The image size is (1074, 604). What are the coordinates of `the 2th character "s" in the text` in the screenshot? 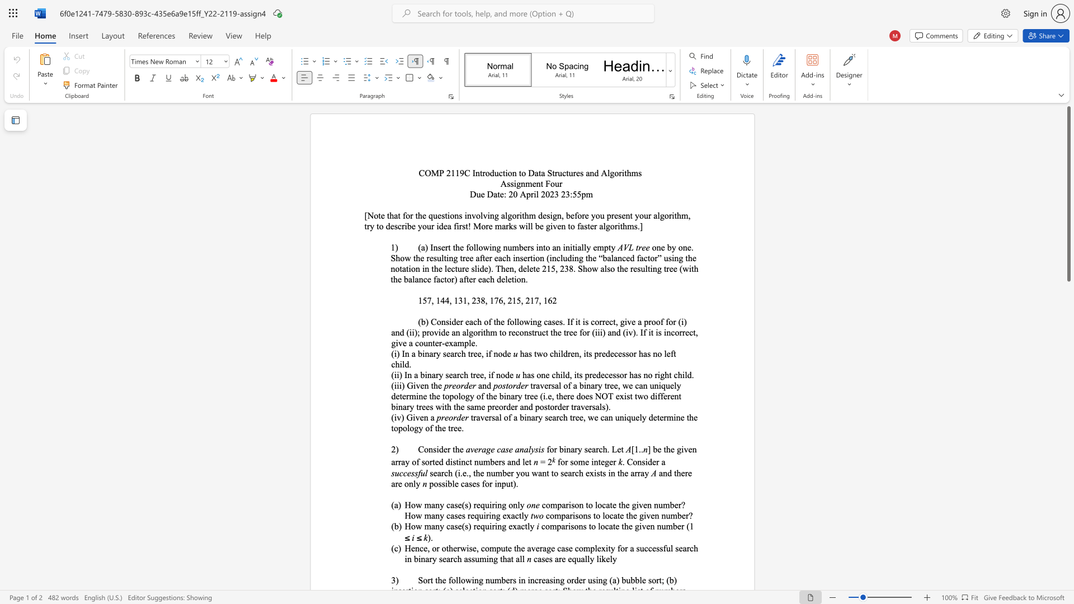 It's located at (536, 449).